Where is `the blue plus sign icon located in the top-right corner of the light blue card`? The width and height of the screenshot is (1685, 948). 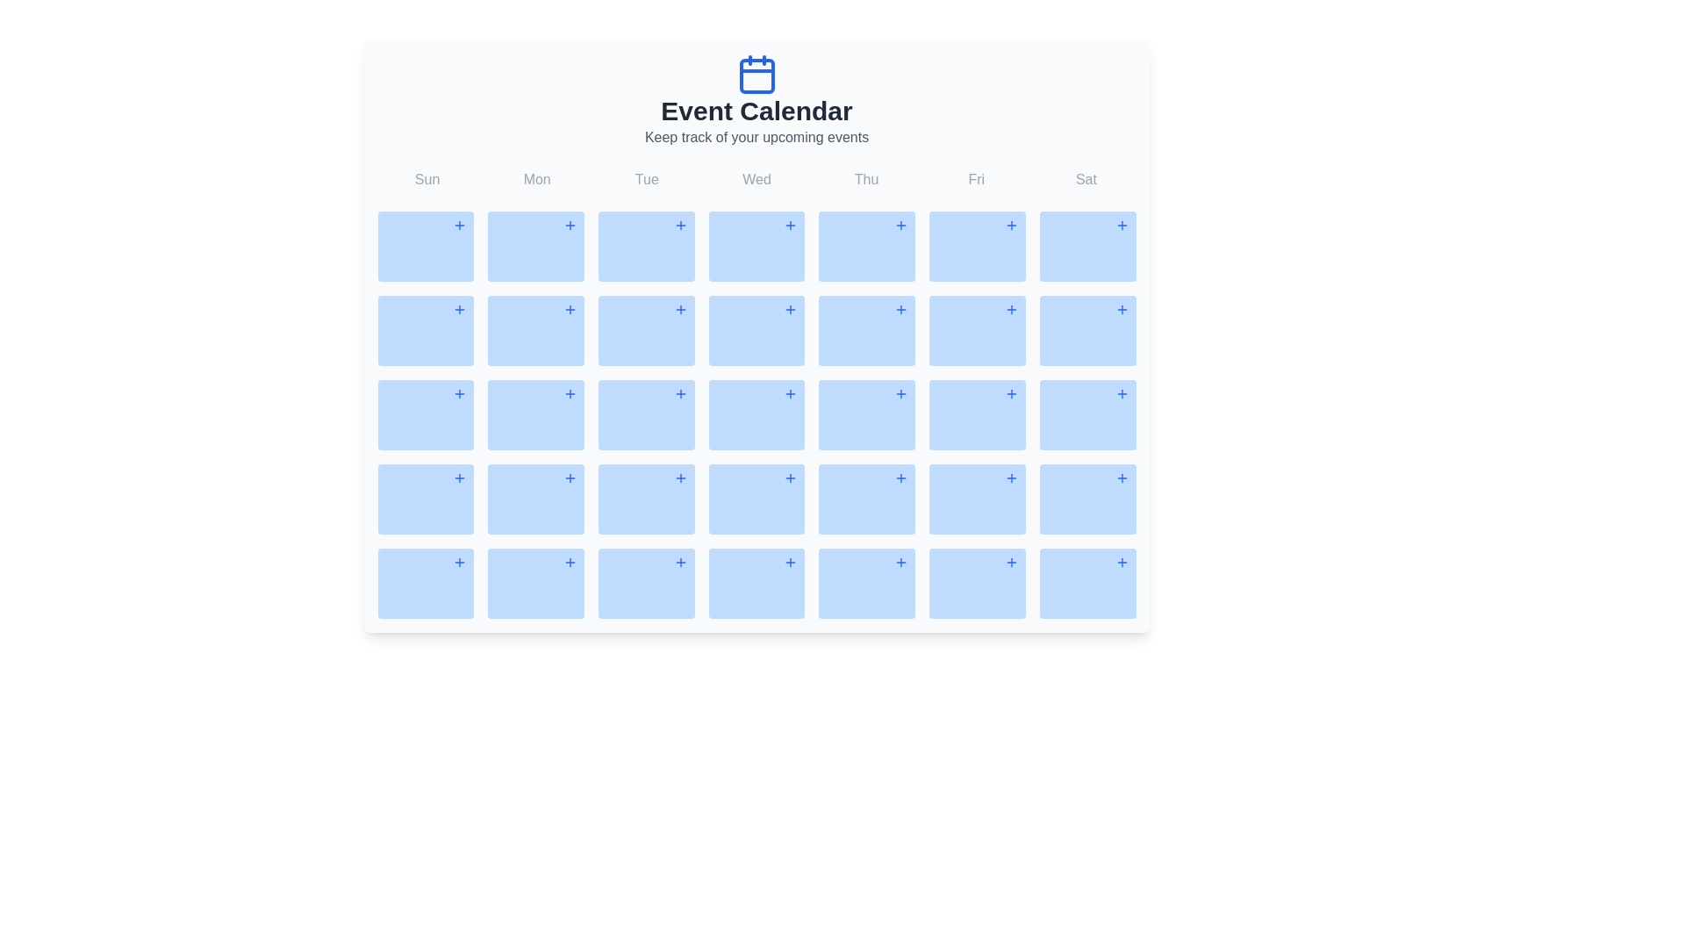 the blue plus sign icon located in the top-right corner of the light blue card is located at coordinates (790, 309).